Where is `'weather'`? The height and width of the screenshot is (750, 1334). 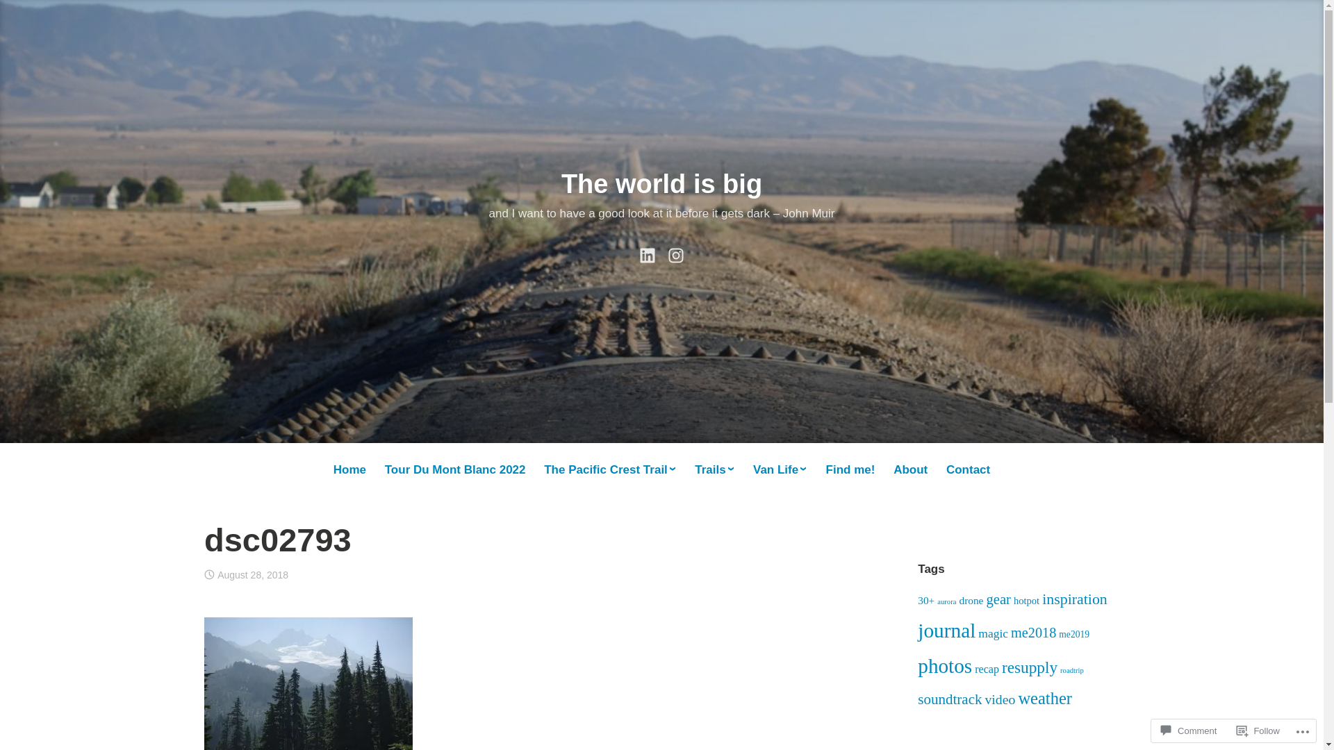
'weather' is located at coordinates (1044, 698).